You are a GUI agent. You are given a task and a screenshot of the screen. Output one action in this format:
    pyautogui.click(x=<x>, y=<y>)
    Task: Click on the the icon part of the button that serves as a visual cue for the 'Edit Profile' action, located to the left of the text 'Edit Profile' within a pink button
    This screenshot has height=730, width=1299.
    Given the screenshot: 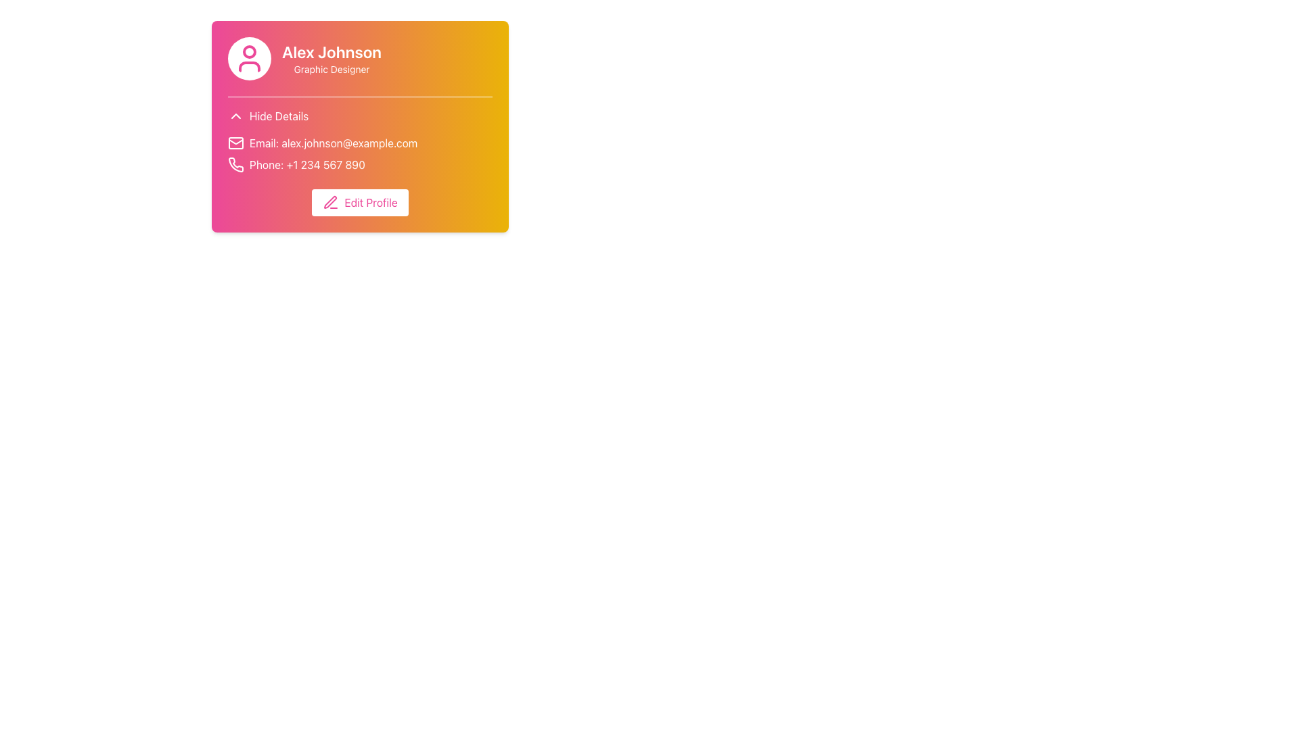 What is the action you would take?
    pyautogui.click(x=331, y=203)
    